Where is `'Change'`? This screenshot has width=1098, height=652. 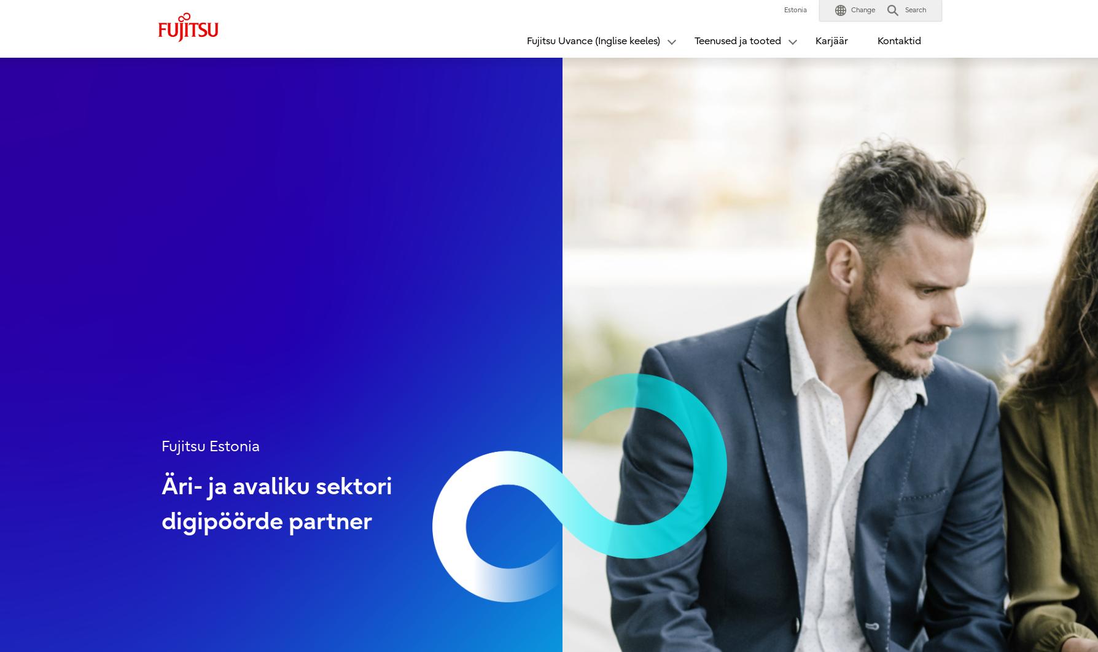
'Change' is located at coordinates (863, 10).